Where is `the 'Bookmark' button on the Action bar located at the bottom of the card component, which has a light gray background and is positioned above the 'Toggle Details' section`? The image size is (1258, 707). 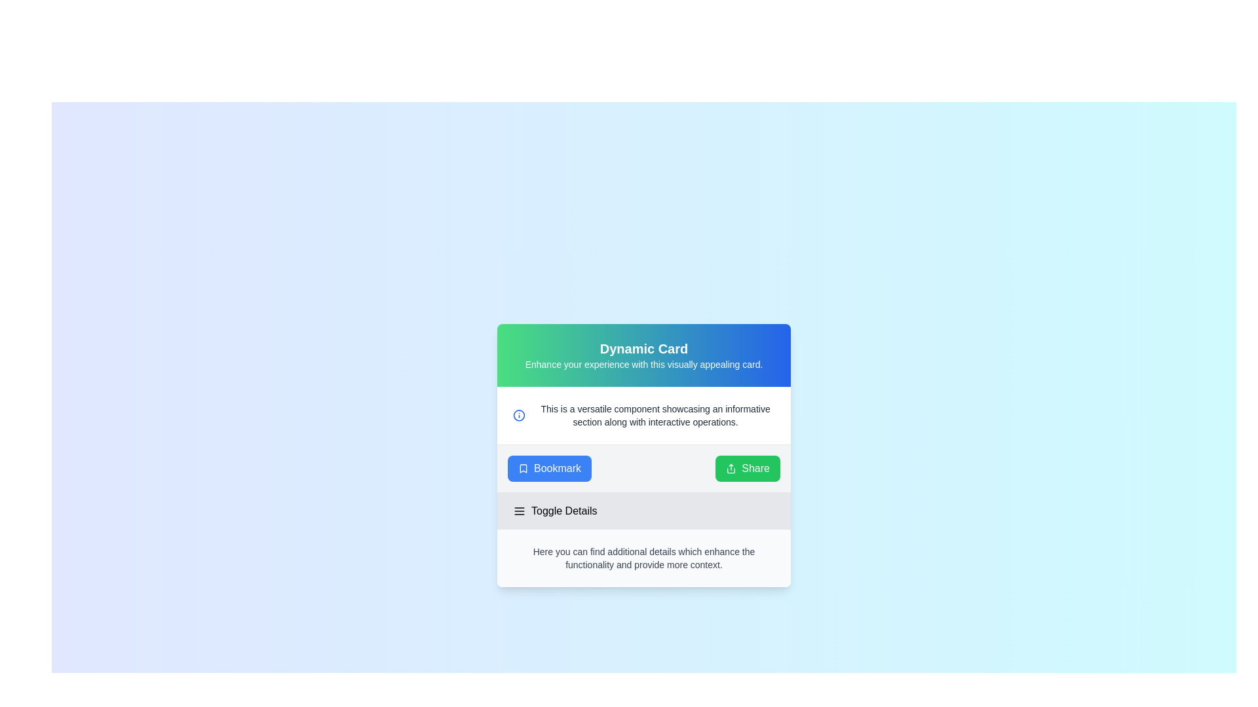 the 'Bookmark' button on the Action bar located at the bottom of the card component, which has a light gray background and is positioned above the 'Toggle Details' section is located at coordinates (644, 467).